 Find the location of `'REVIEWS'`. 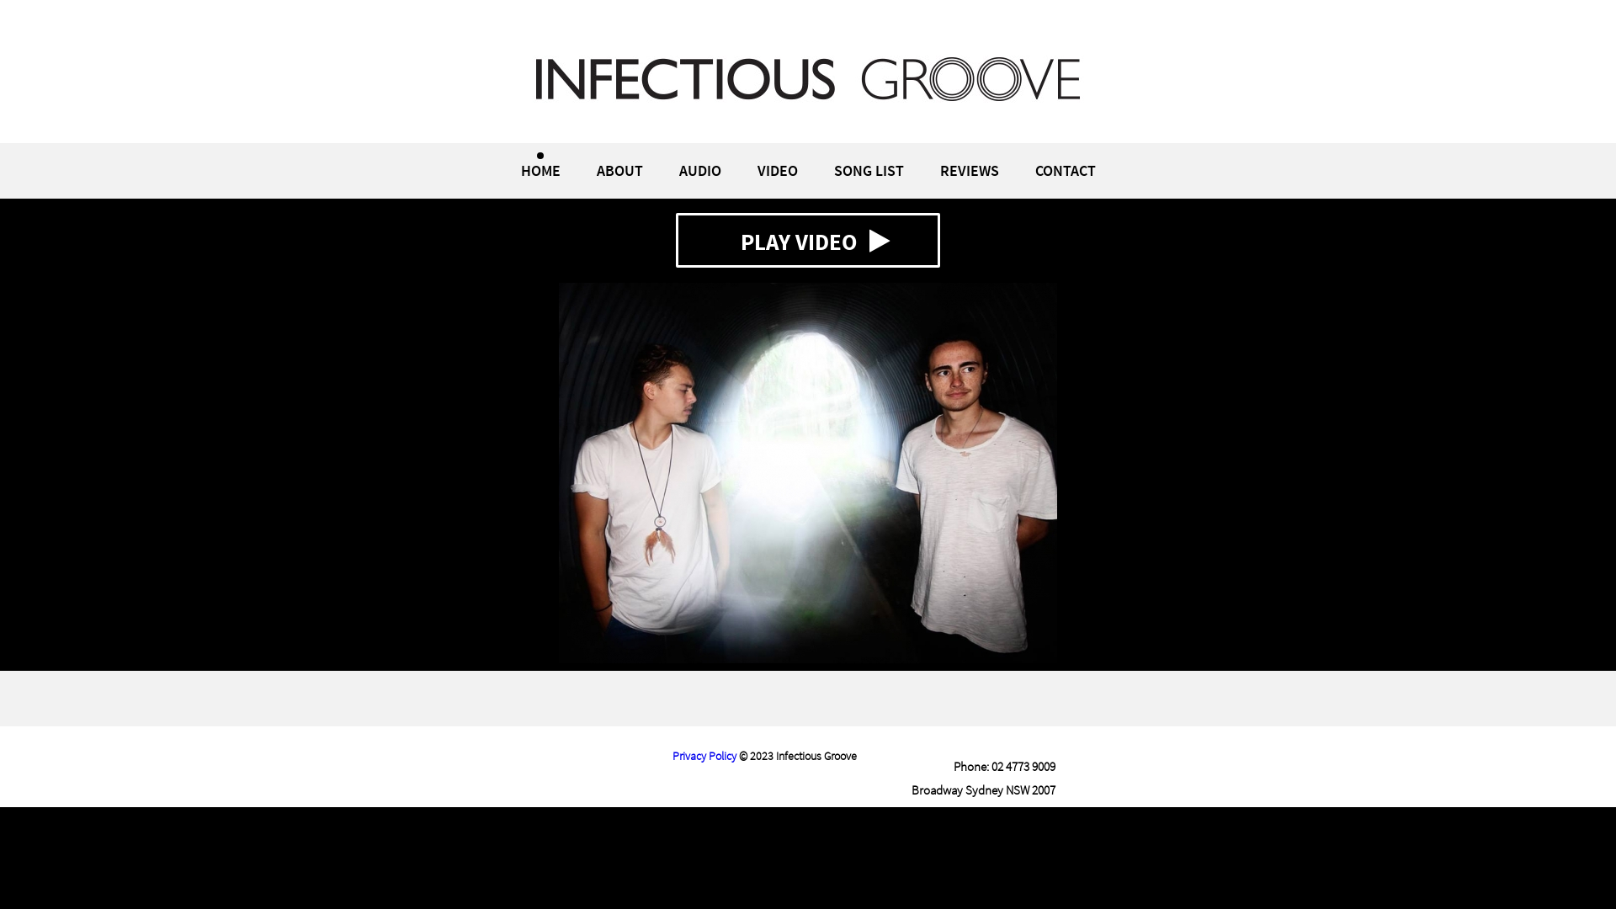

'REVIEWS' is located at coordinates (969, 170).